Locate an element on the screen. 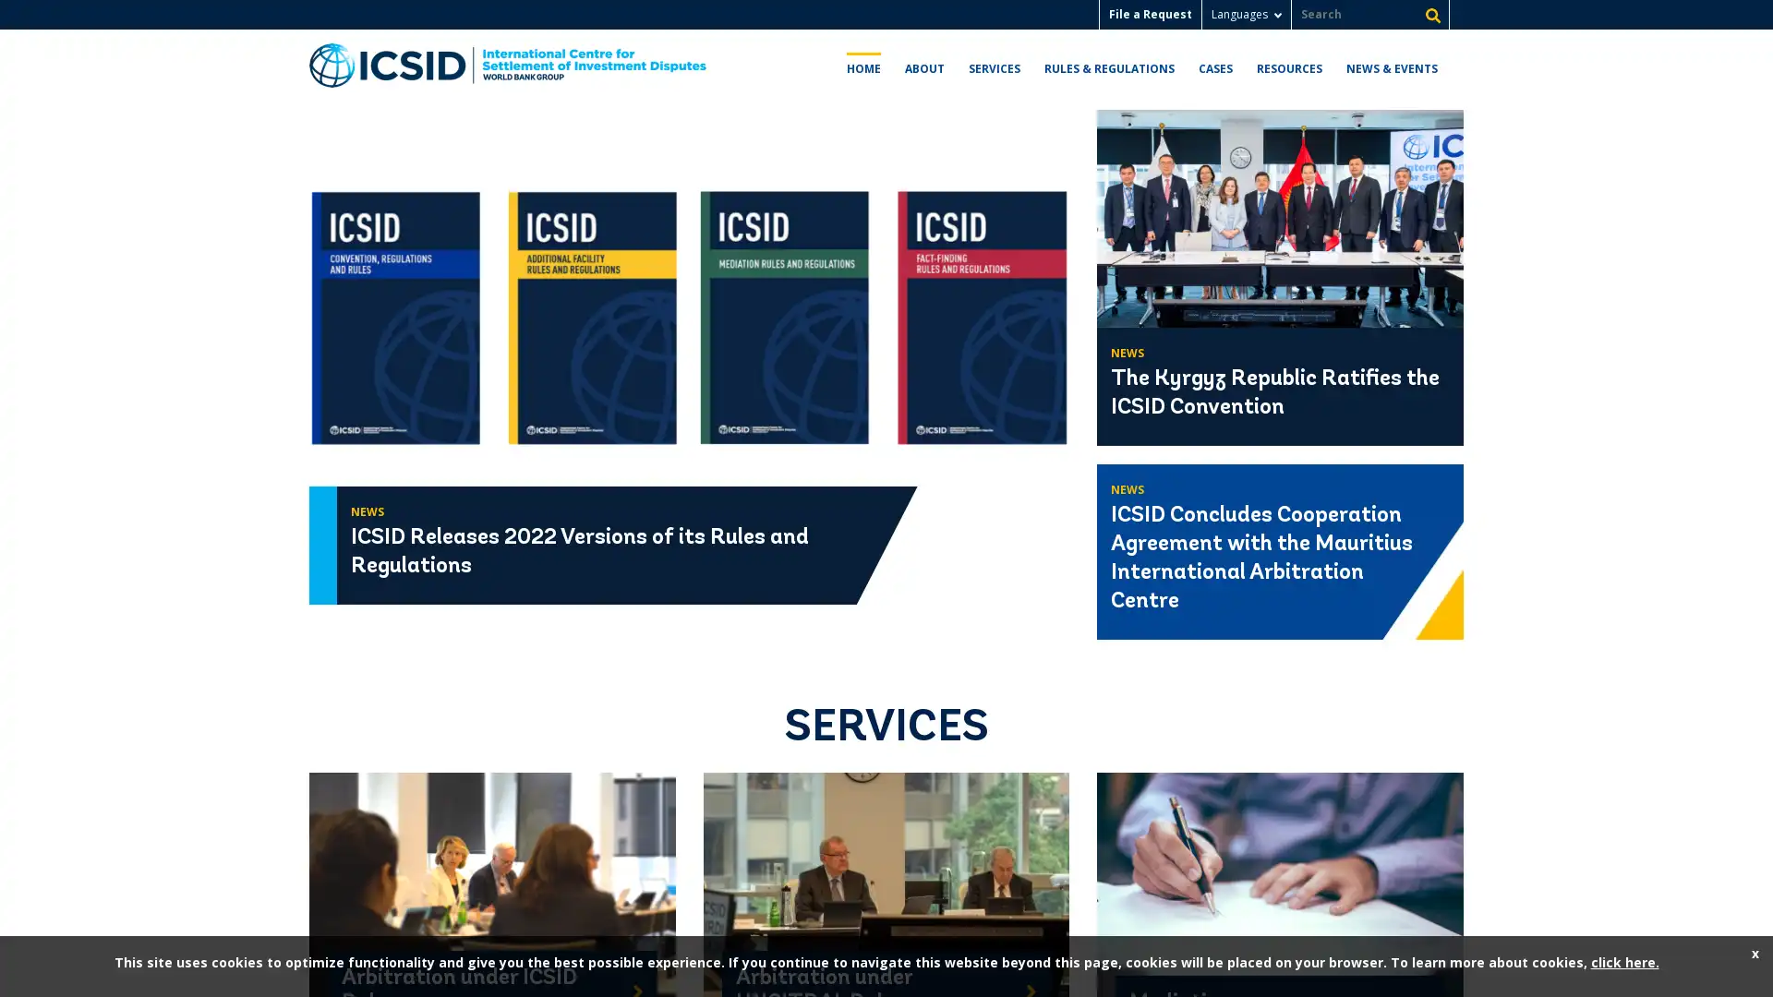 This screenshot has width=1773, height=997. Search is located at coordinates (1431, 15).